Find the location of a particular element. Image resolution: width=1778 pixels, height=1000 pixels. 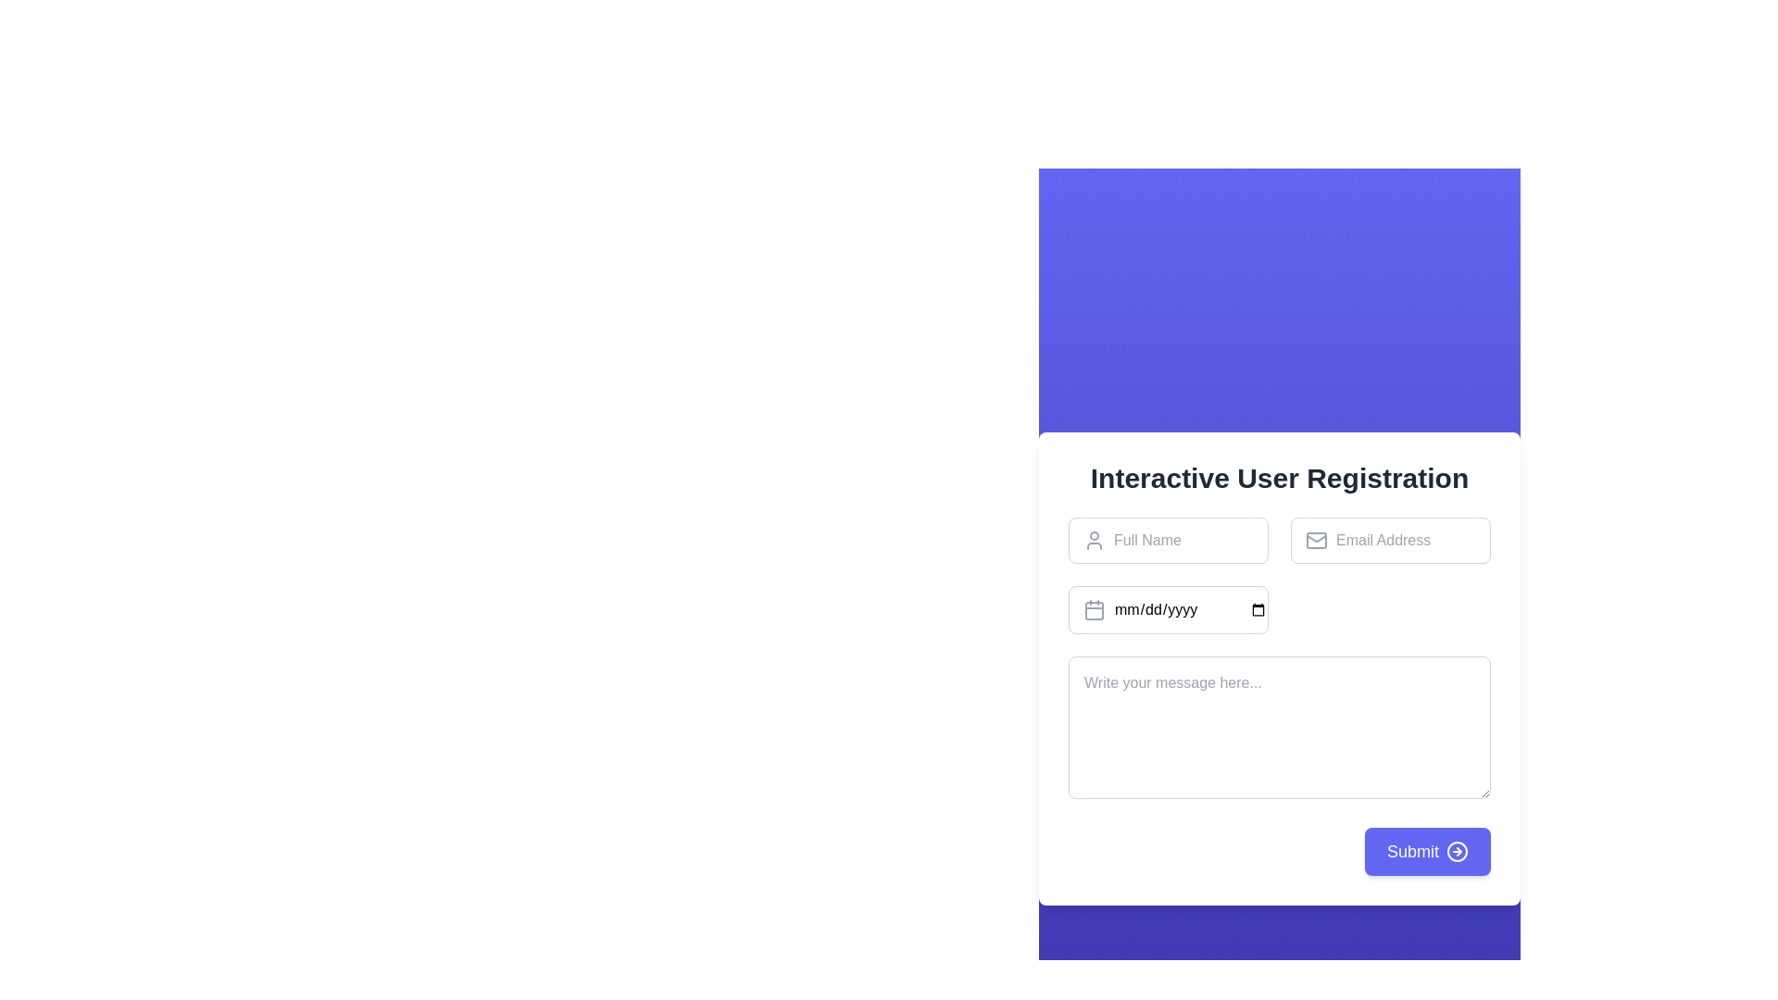

header text displaying 'Interactive User Registration', which is a large bold text centered at the top of a white form card is located at coordinates (1279, 477).